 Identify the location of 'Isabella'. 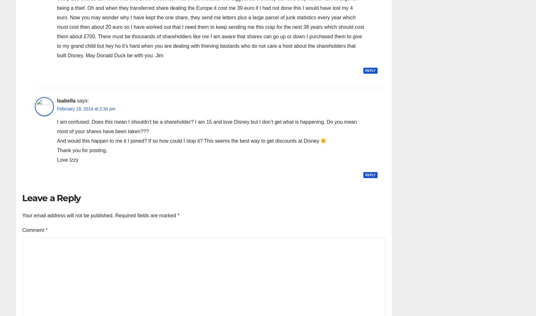
(66, 100).